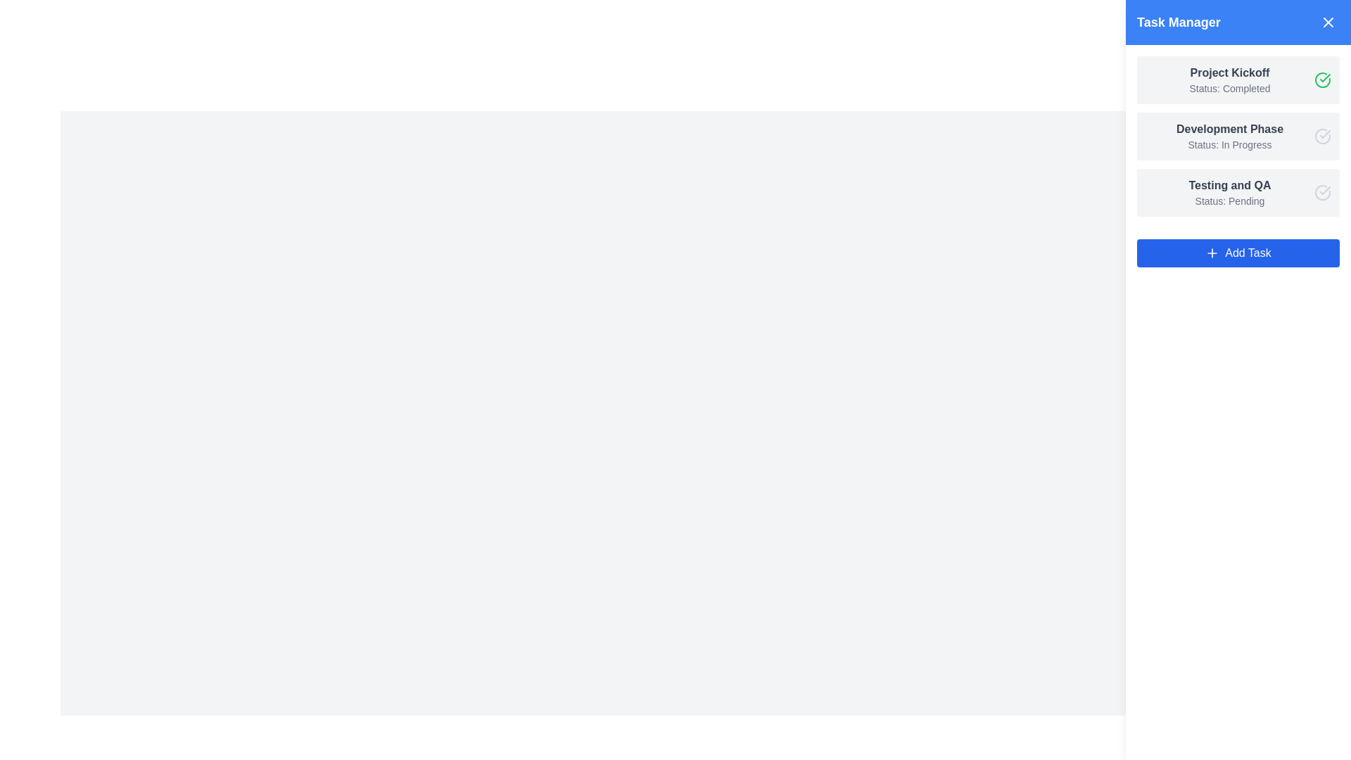 The width and height of the screenshot is (1351, 760). I want to click on title text of the first task card located in the task panel on the right side of the interface, positioned above the status text 'Status: Completed', so click(1229, 73).